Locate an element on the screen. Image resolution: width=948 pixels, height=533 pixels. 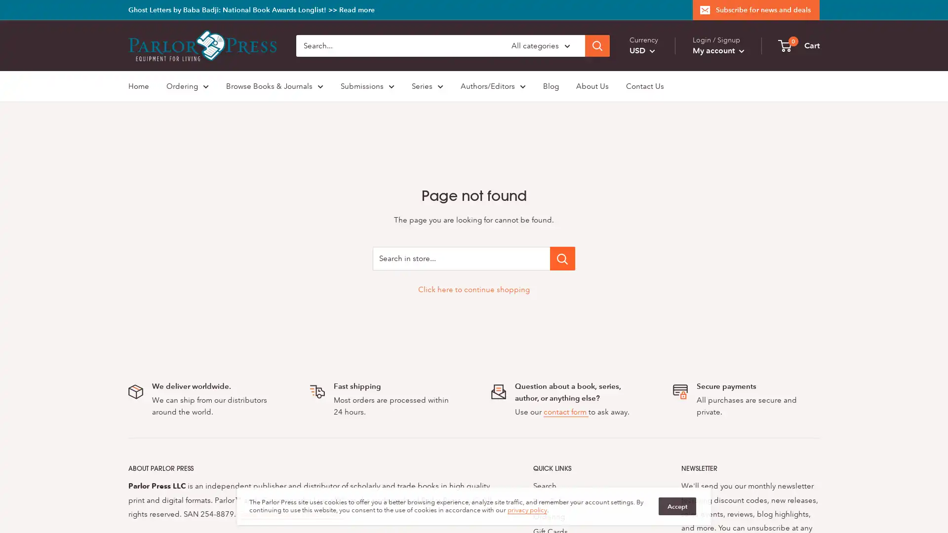
Search in store... is located at coordinates (562, 258).